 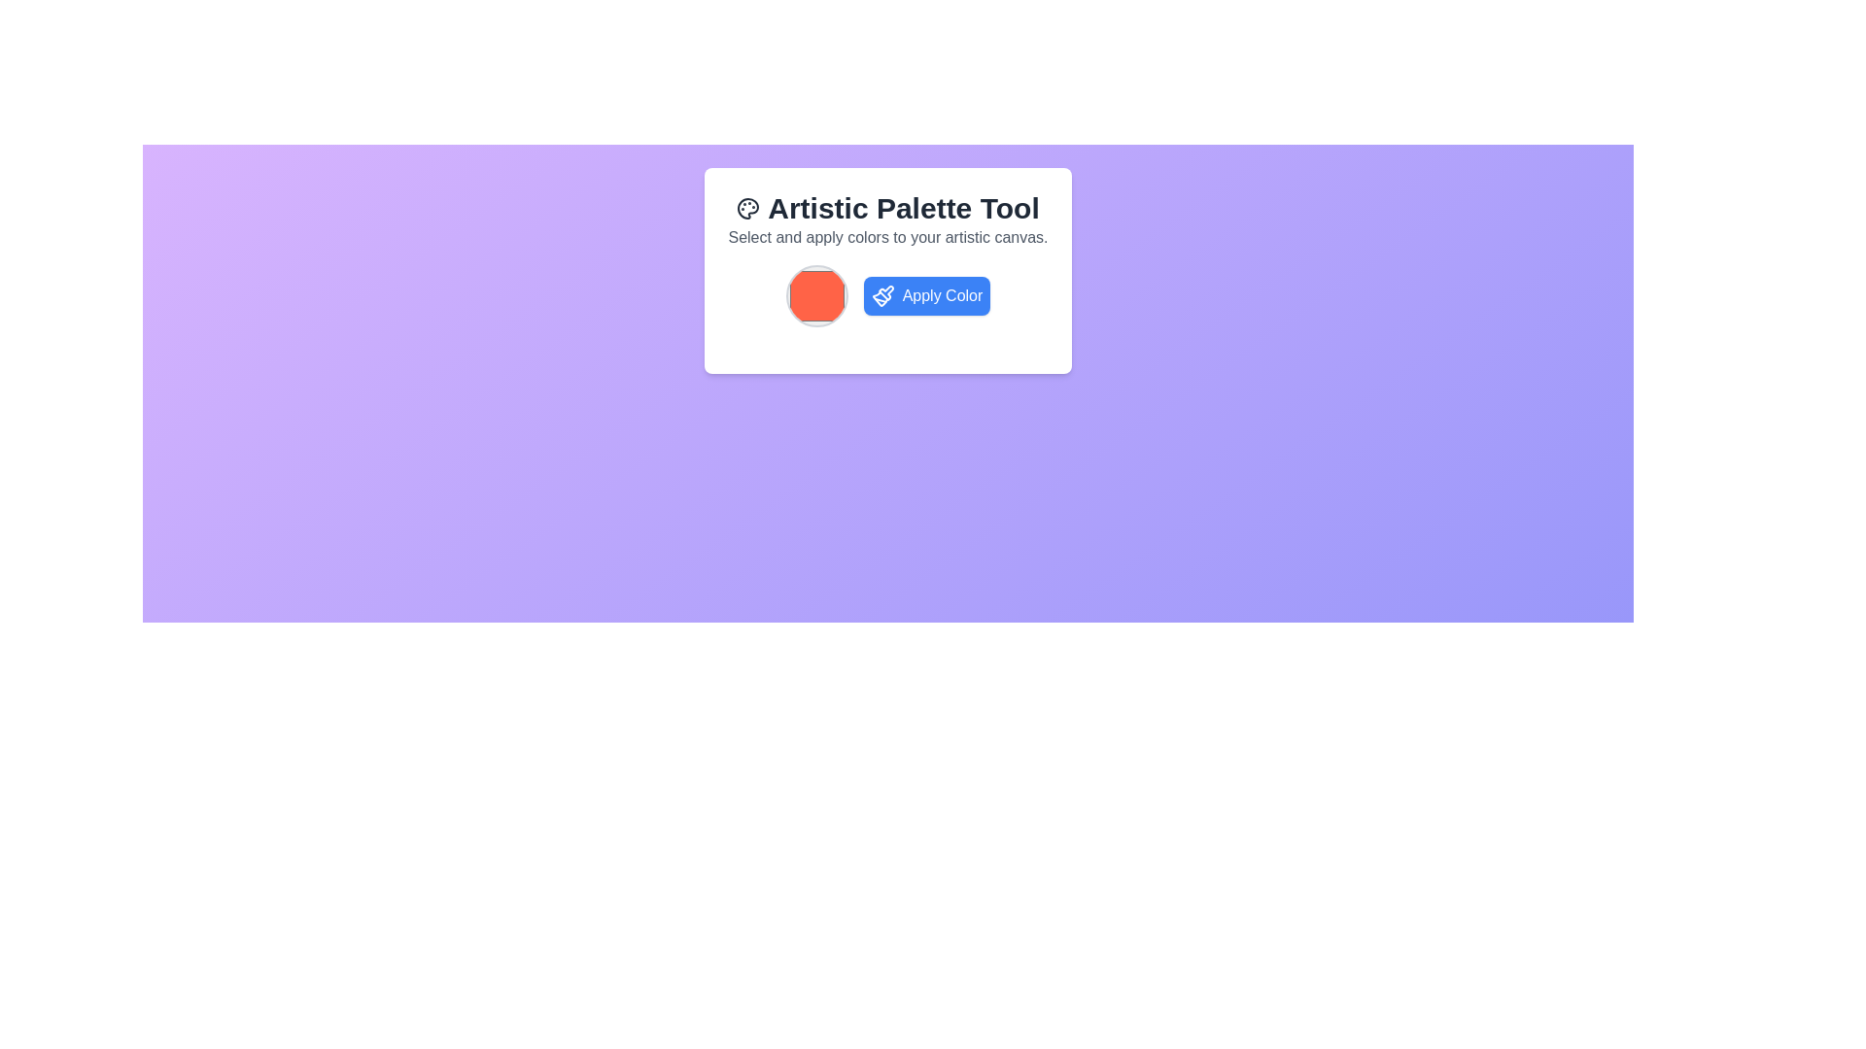 I want to click on the button located to the right of the circular color palette to apply the chosen color to the artistic canvas, so click(x=926, y=295).